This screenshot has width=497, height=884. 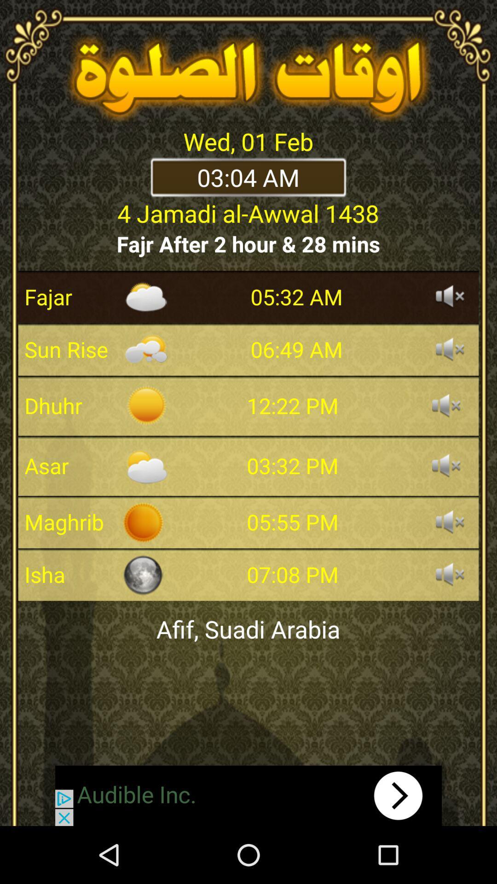 What do you see at coordinates (450, 297) in the screenshot?
I see `audio` at bounding box center [450, 297].